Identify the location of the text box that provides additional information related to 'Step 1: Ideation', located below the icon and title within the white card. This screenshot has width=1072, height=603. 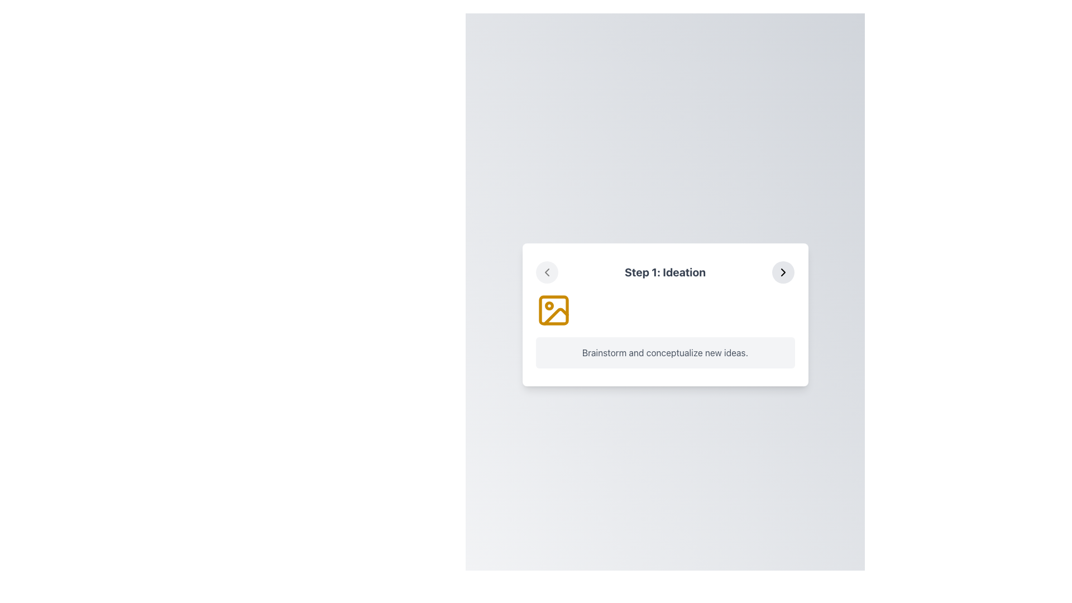
(665, 353).